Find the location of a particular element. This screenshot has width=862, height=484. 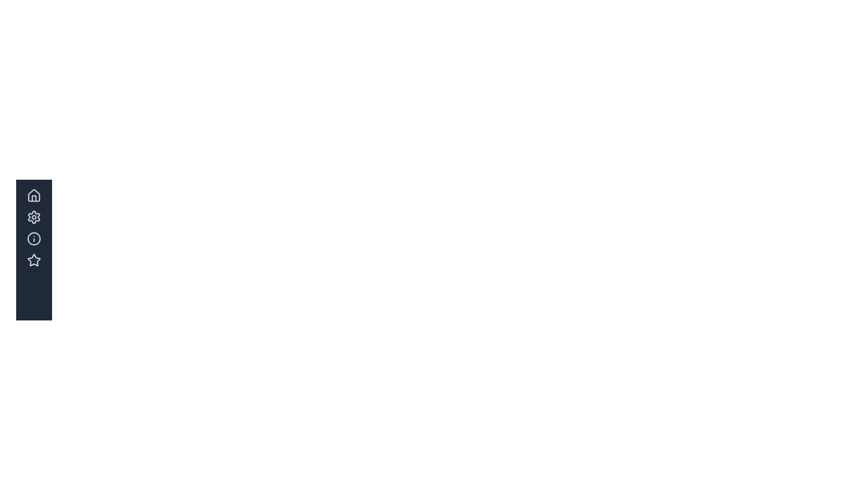

the circular information icon with a light gray border and dark gray background located in the left-hand sidebar, which is the third icon in a vertical list of four icons is located at coordinates (34, 238).